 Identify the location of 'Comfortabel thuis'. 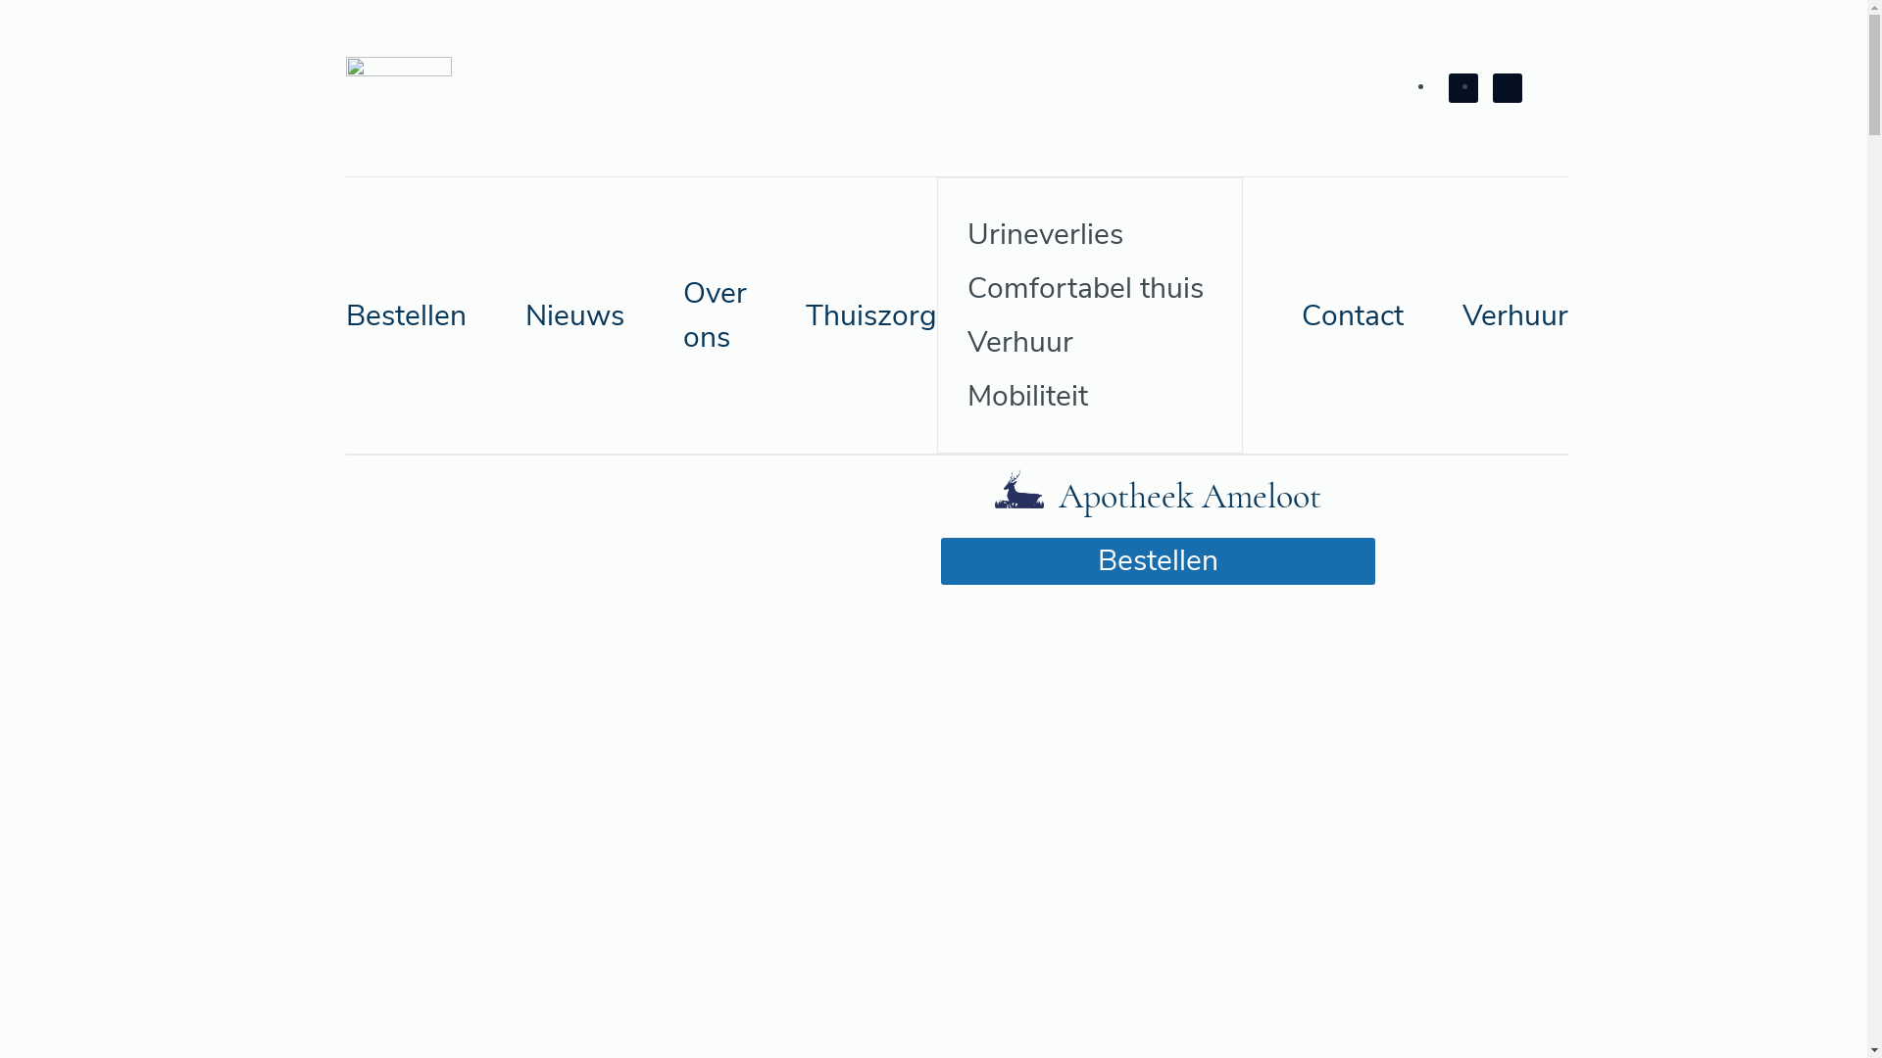
(1087, 288).